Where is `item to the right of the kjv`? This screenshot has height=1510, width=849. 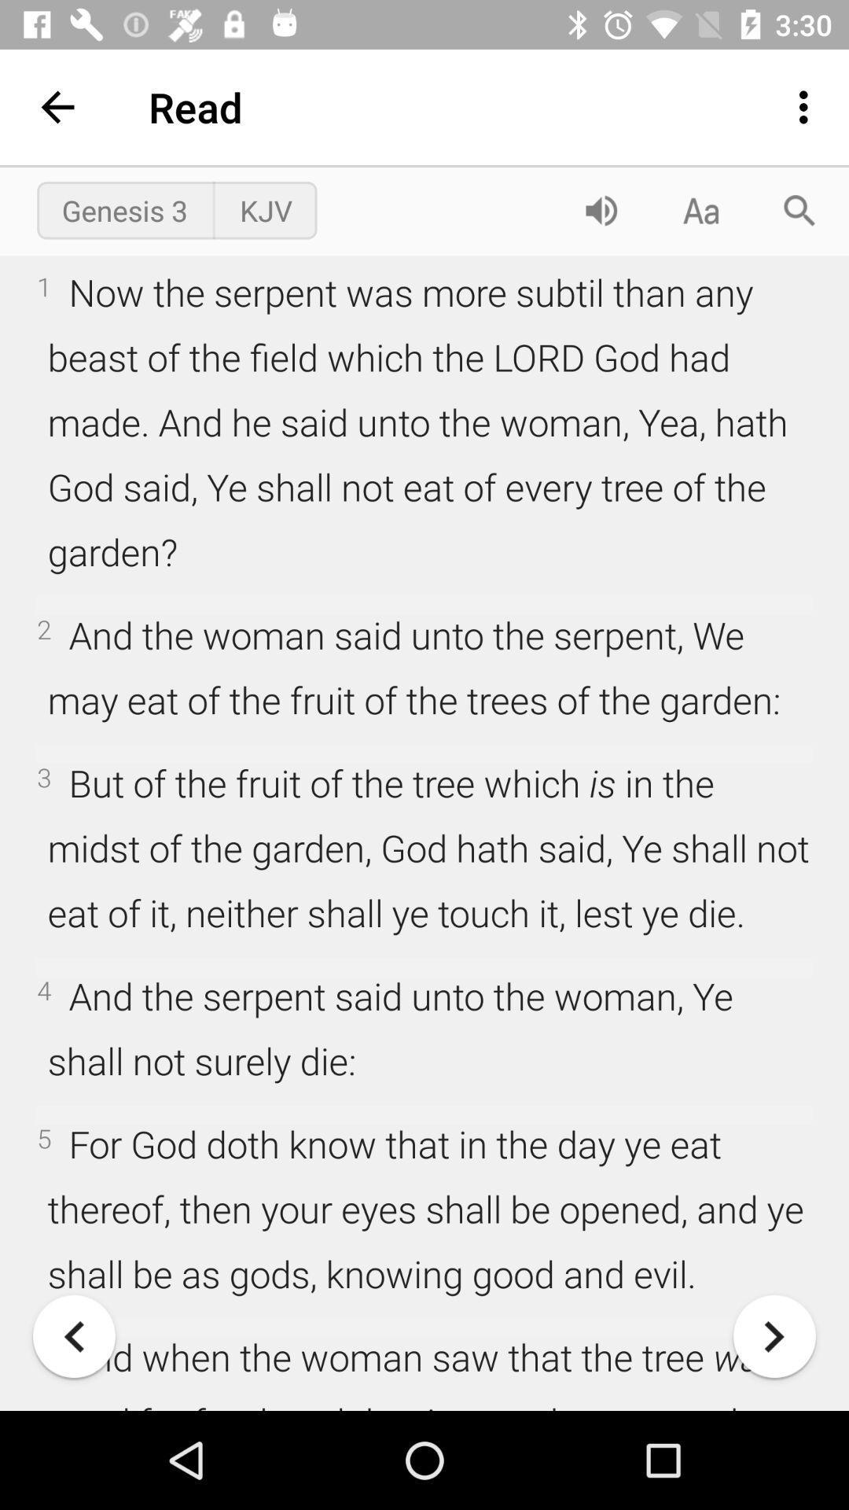
item to the right of the kjv is located at coordinates (601, 209).